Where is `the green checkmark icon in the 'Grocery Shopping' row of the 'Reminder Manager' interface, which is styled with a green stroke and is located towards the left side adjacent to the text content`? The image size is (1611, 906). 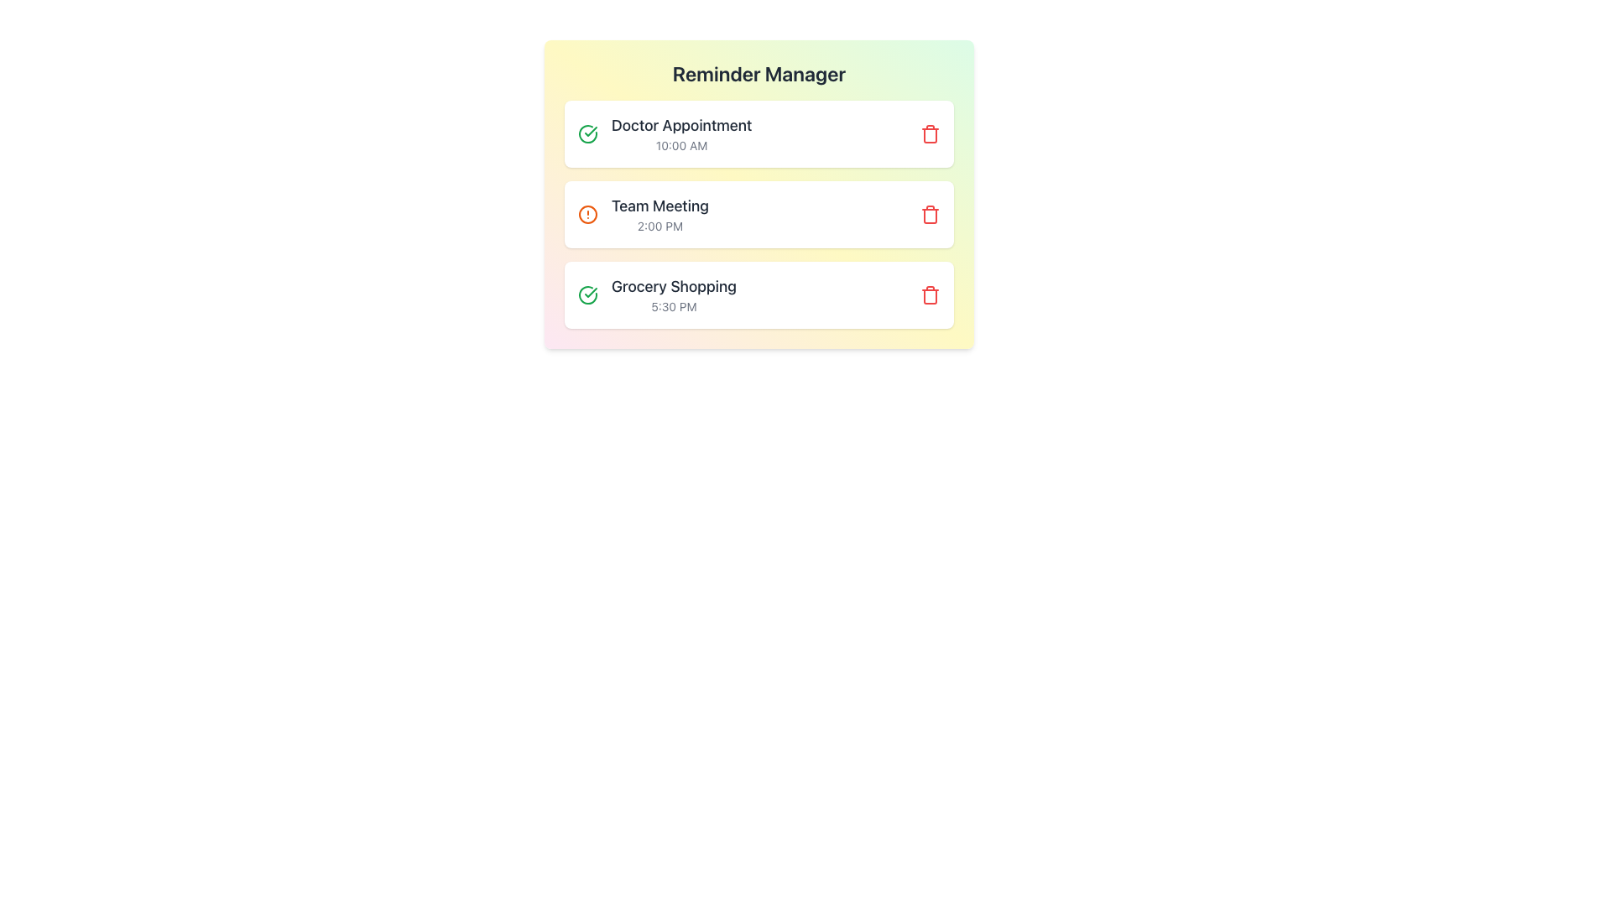
the green checkmark icon in the 'Grocery Shopping' row of the 'Reminder Manager' interface, which is styled with a green stroke and is located towards the left side adjacent to the text content is located at coordinates (591, 131).